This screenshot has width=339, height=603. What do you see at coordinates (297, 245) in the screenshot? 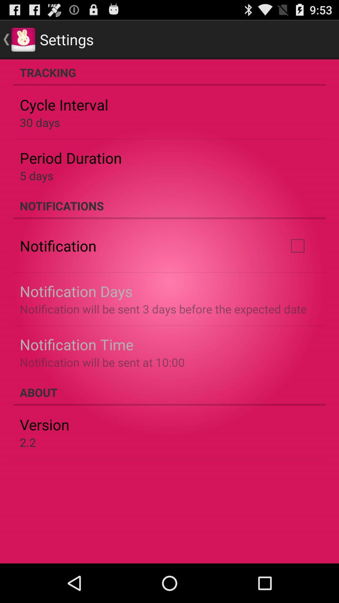
I see `app above the notification will be icon` at bounding box center [297, 245].